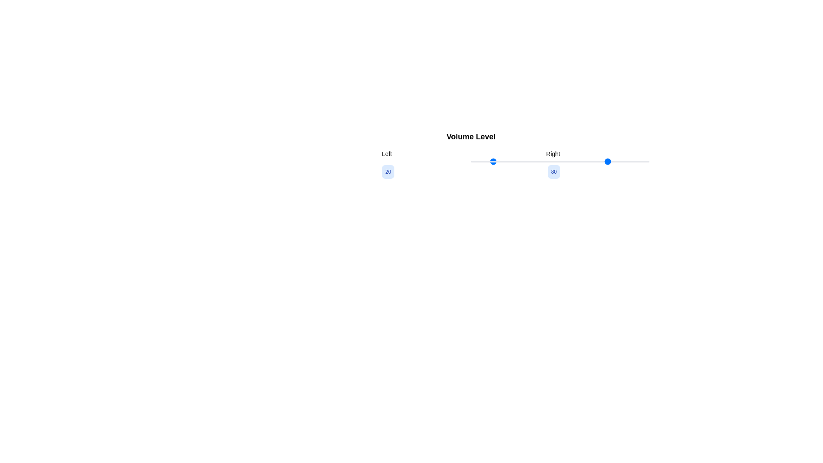 Image resolution: width=823 pixels, height=463 pixels. I want to click on the Text block providing contextual boundaries located beneath the slider control in the 'Volume Level' section, displaying the values '20' and '80', so click(471, 172).